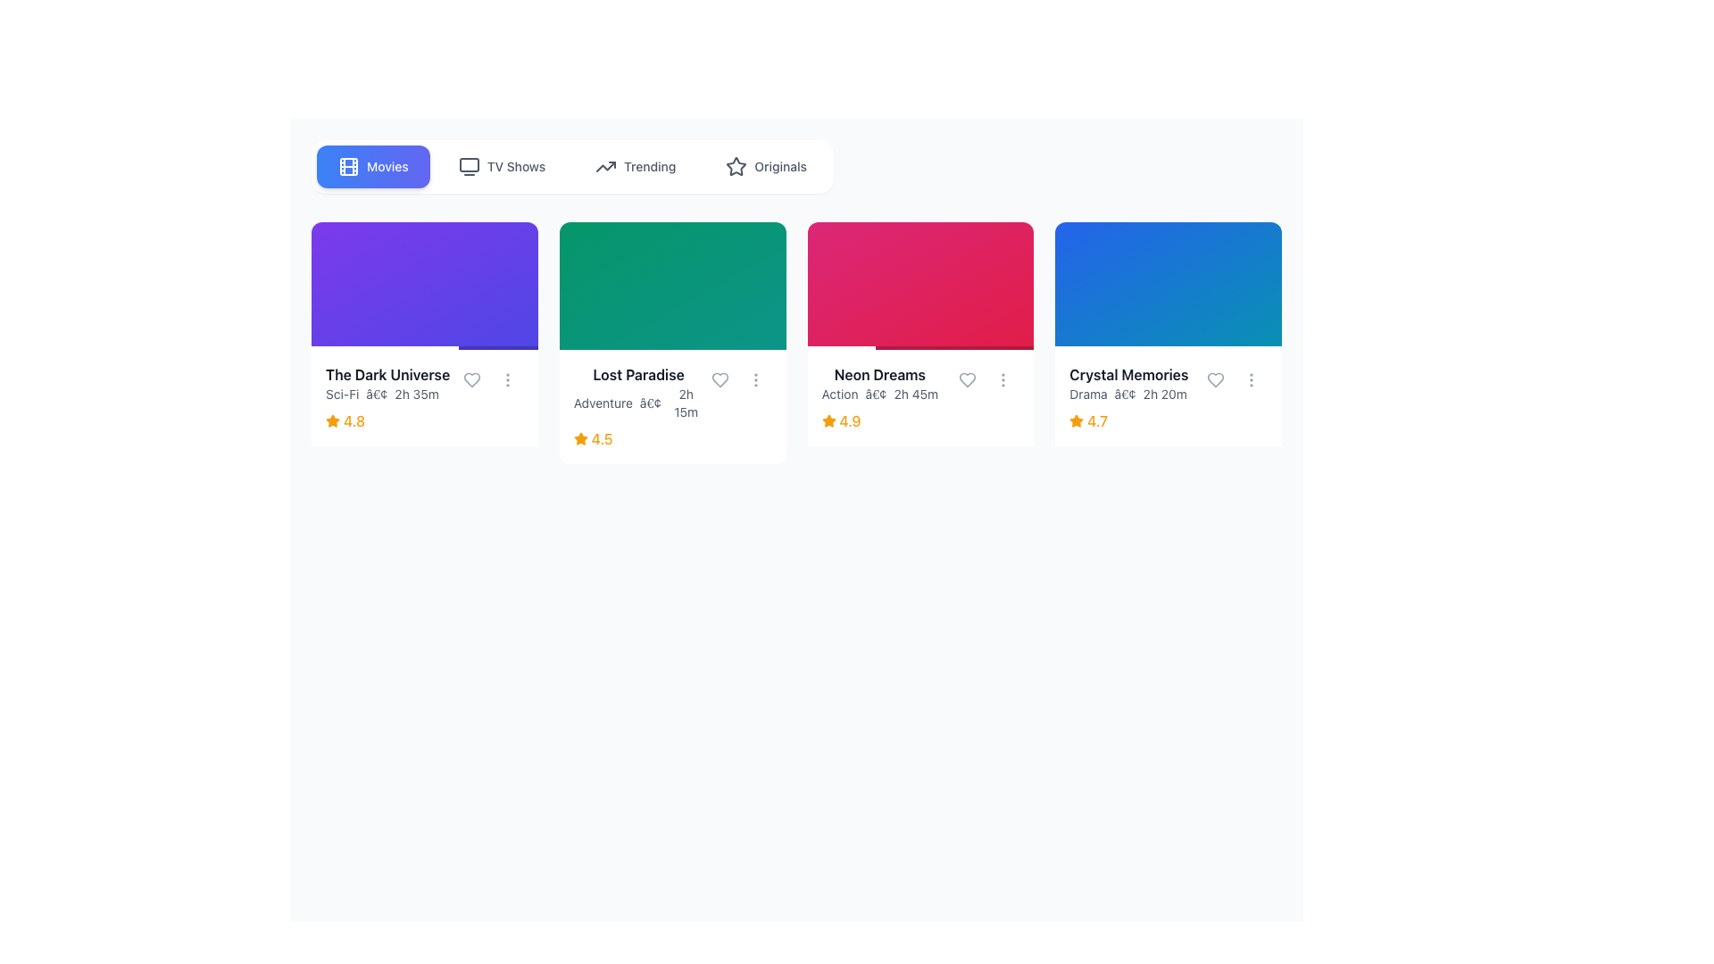 The height and width of the screenshot is (964, 1714). Describe the element at coordinates (376, 393) in the screenshot. I see `the bullet point character that separates the genre 'Sci-Fi' and the duration '2h 35m' in the content row under the title 'The Dark Universe'` at that location.